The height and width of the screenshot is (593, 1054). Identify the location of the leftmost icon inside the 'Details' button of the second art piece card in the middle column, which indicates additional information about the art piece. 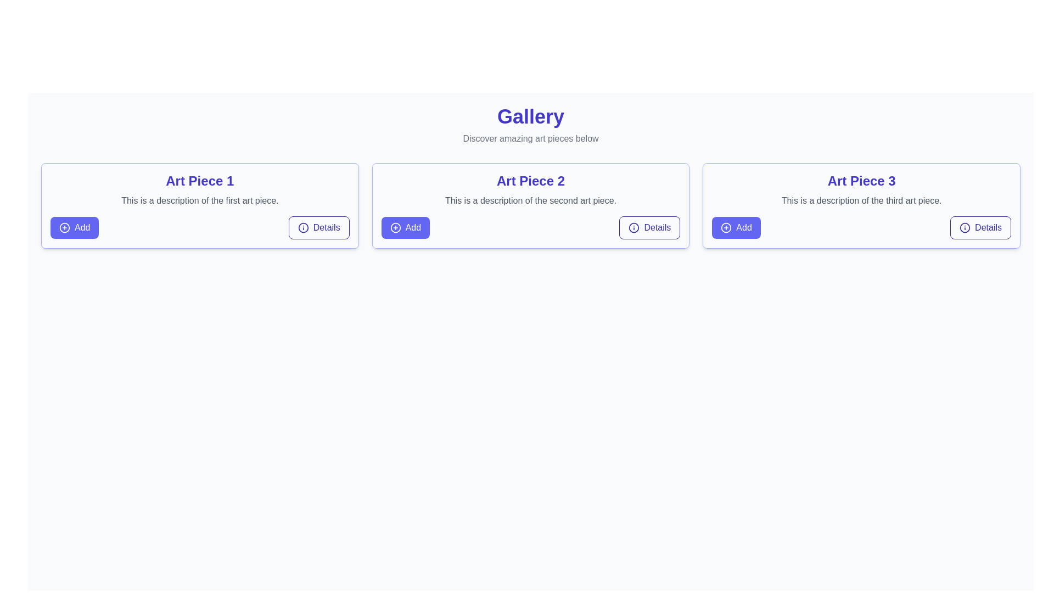
(634, 227).